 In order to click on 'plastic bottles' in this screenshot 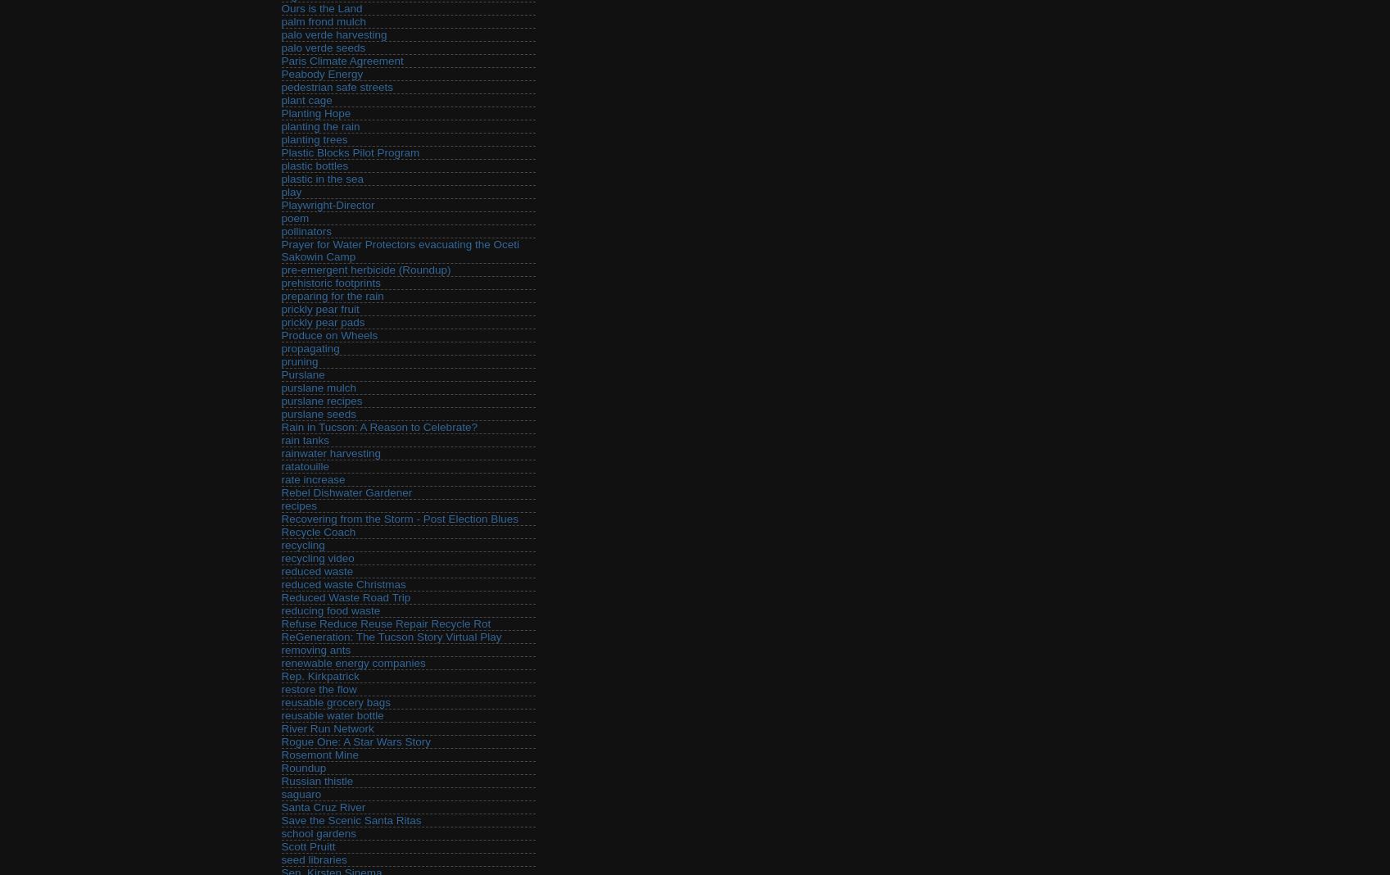, I will do `click(315, 165)`.